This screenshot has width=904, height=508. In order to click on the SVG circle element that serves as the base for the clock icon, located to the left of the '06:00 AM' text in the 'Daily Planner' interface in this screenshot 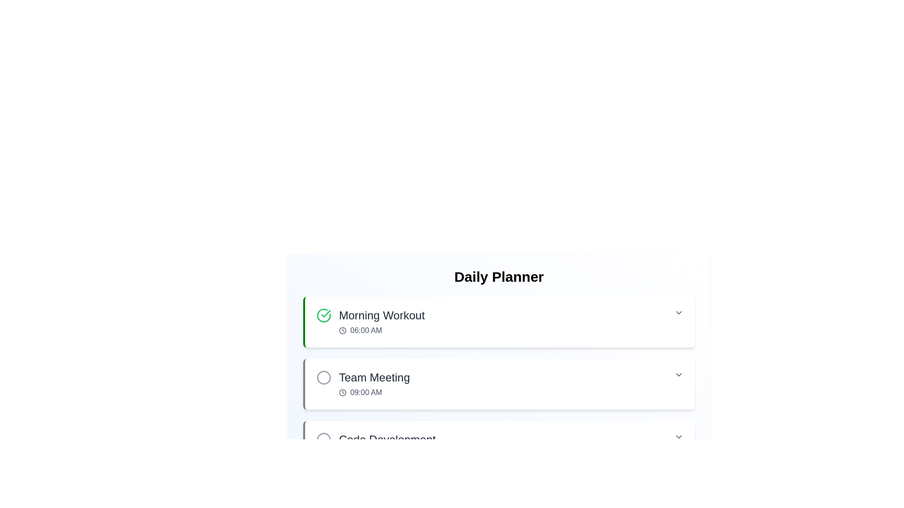, I will do `click(342, 330)`.